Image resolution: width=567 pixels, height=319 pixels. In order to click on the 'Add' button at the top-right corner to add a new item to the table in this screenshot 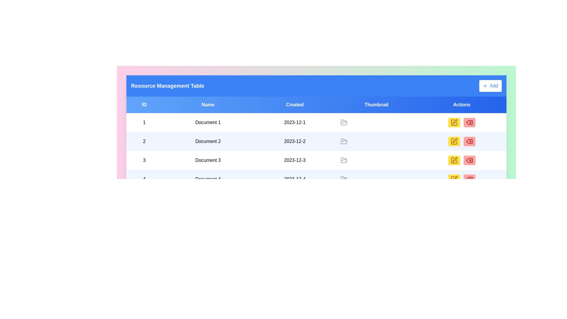, I will do `click(490, 86)`.